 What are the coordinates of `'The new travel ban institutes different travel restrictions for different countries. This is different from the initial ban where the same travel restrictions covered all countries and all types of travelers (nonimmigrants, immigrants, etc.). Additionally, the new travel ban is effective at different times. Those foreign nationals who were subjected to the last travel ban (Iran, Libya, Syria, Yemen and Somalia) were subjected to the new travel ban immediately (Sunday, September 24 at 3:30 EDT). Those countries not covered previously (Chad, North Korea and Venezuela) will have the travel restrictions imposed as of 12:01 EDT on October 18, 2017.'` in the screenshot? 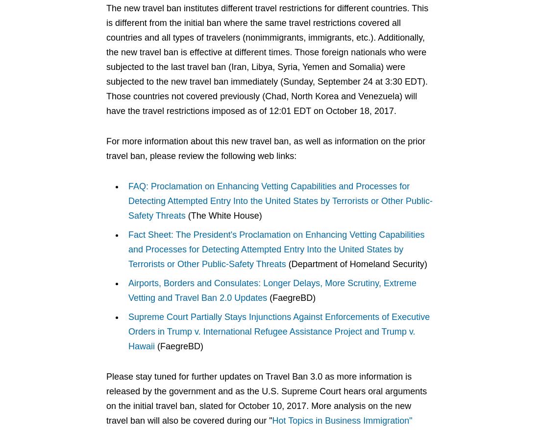 It's located at (106, 59).